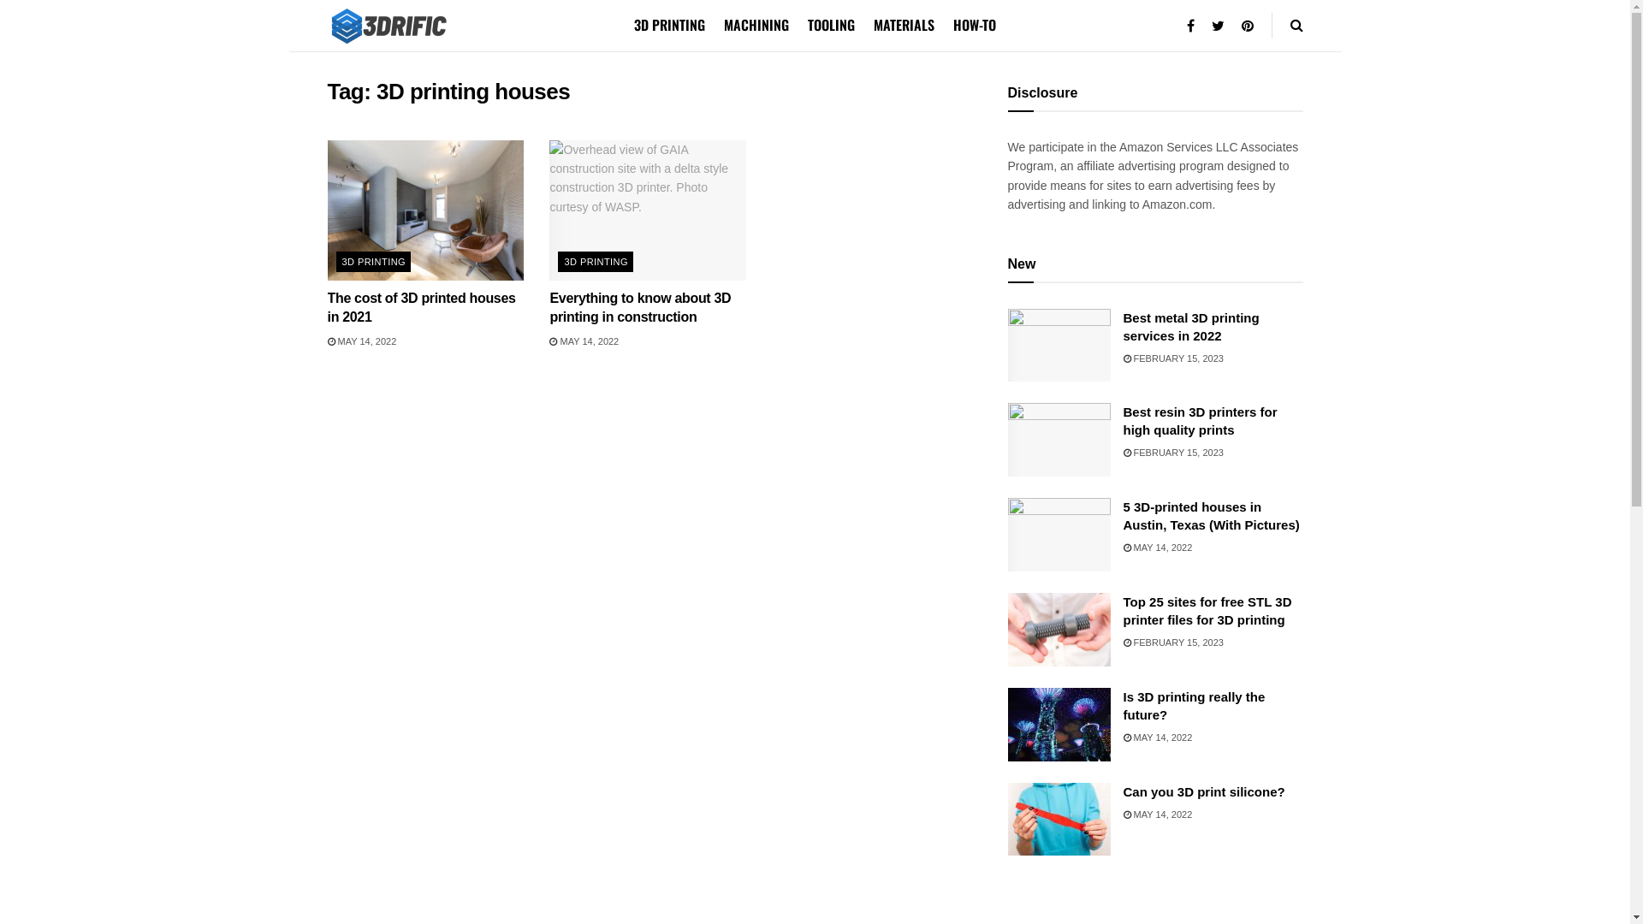 The width and height of the screenshot is (1643, 924). What do you see at coordinates (831, 25) in the screenshot?
I see `'TOOLING'` at bounding box center [831, 25].